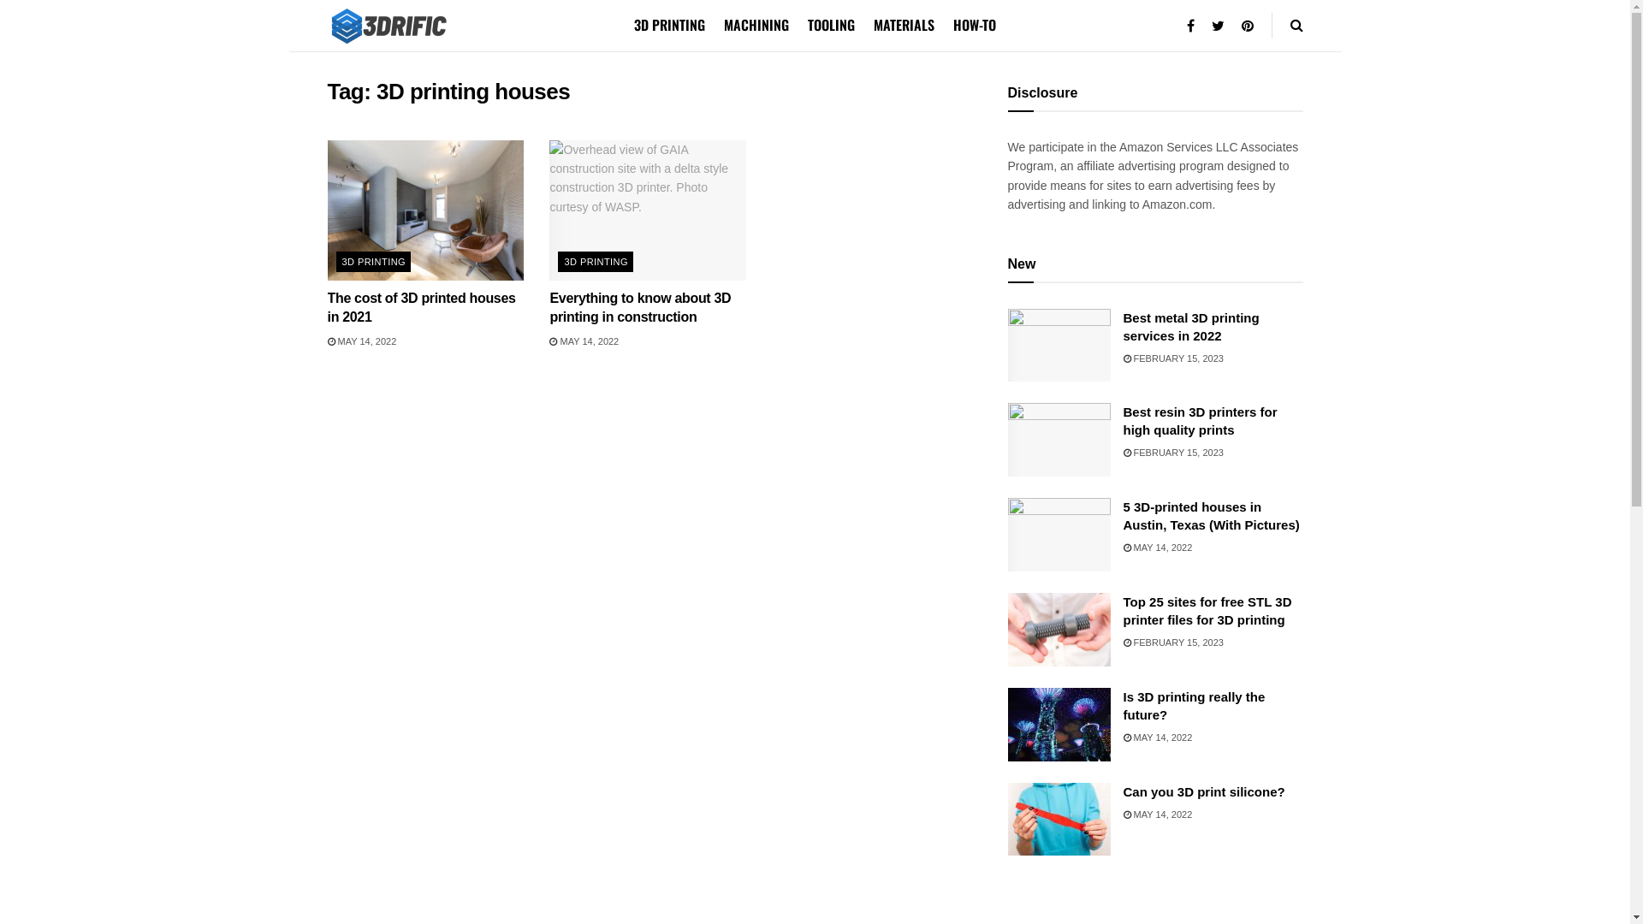 The width and height of the screenshot is (1643, 924). What do you see at coordinates (831, 25) in the screenshot?
I see `'TOOLING'` at bounding box center [831, 25].